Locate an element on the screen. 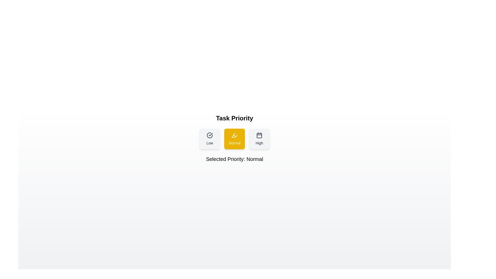  the 'High' priority button to select it is located at coordinates (259, 138).